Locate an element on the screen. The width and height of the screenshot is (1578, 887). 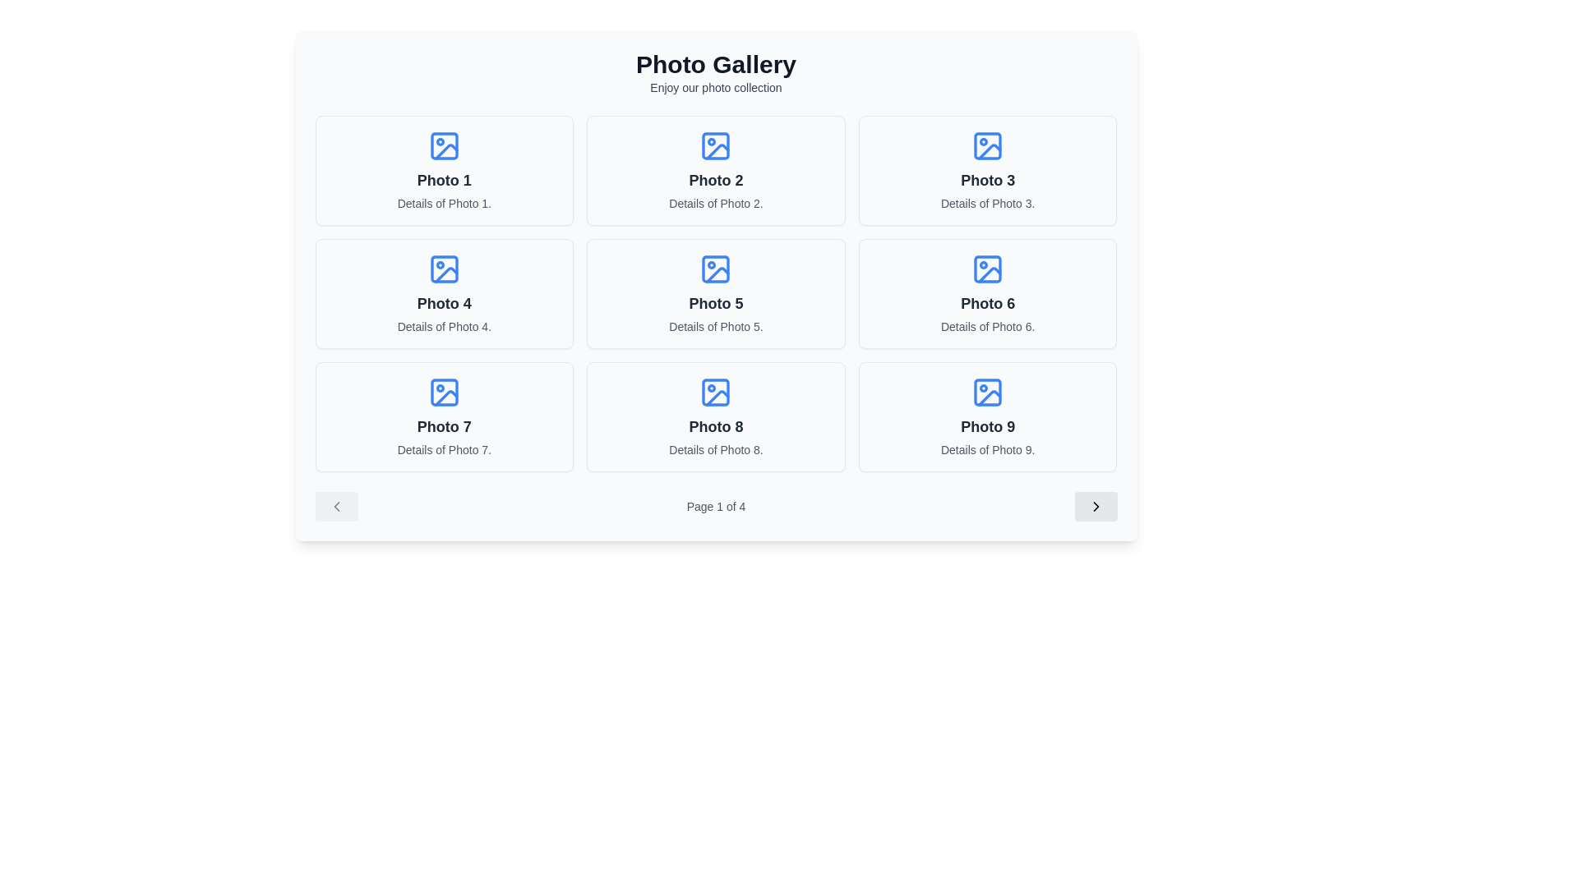
the text label that reads 'Details of Photo 2.', which is styled in small gray font and located underneath the title 'Photo 2' within the second card of a 3x3 grid layout is located at coordinates (716, 202).